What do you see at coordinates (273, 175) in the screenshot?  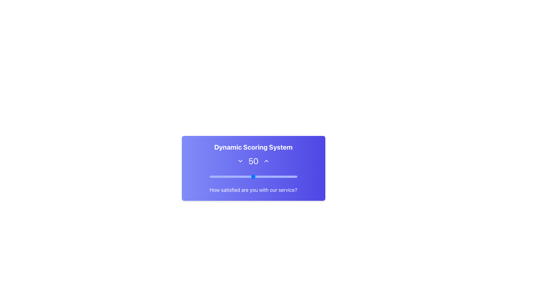 I see `the slider` at bounding box center [273, 175].